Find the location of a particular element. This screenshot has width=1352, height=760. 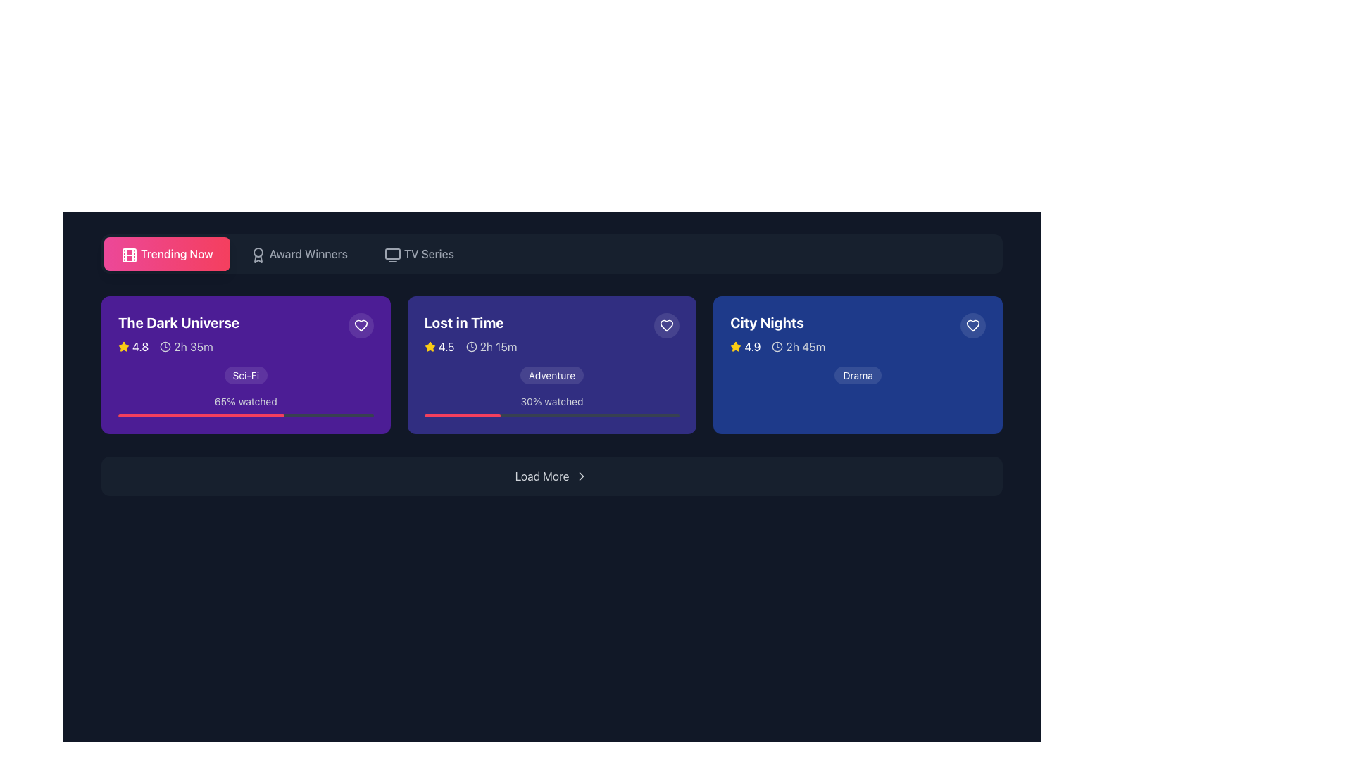

text label displaying the duration of the movie, located in the first card under the 'Trending Now' section, near the top-left corner, following a clock icon is located at coordinates (192, 347).